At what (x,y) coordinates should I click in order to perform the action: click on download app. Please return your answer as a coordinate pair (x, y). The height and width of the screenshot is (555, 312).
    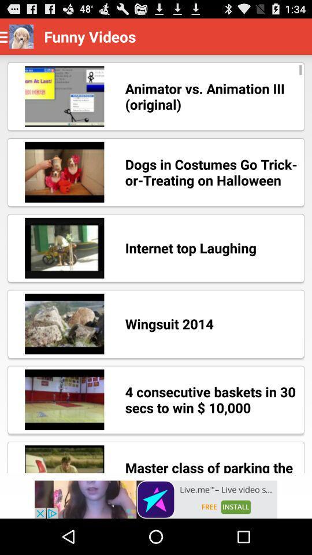
    Looking at the image, I should click on (156, 499).